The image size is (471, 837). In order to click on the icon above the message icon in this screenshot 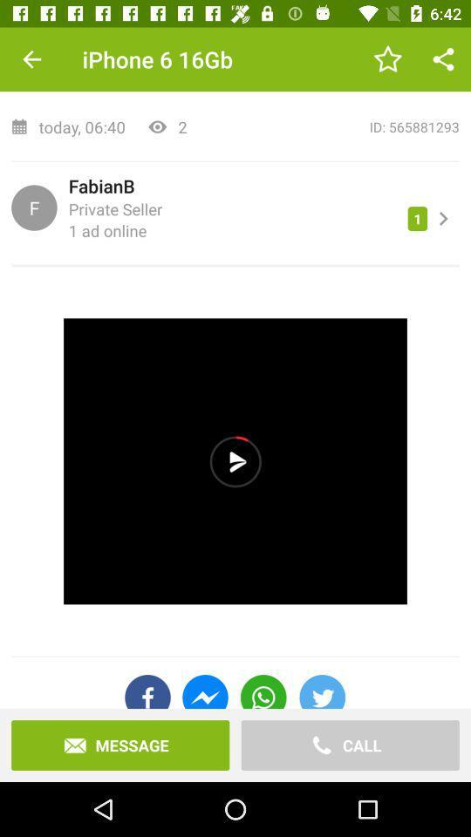, I will do `click(204, 691)`.